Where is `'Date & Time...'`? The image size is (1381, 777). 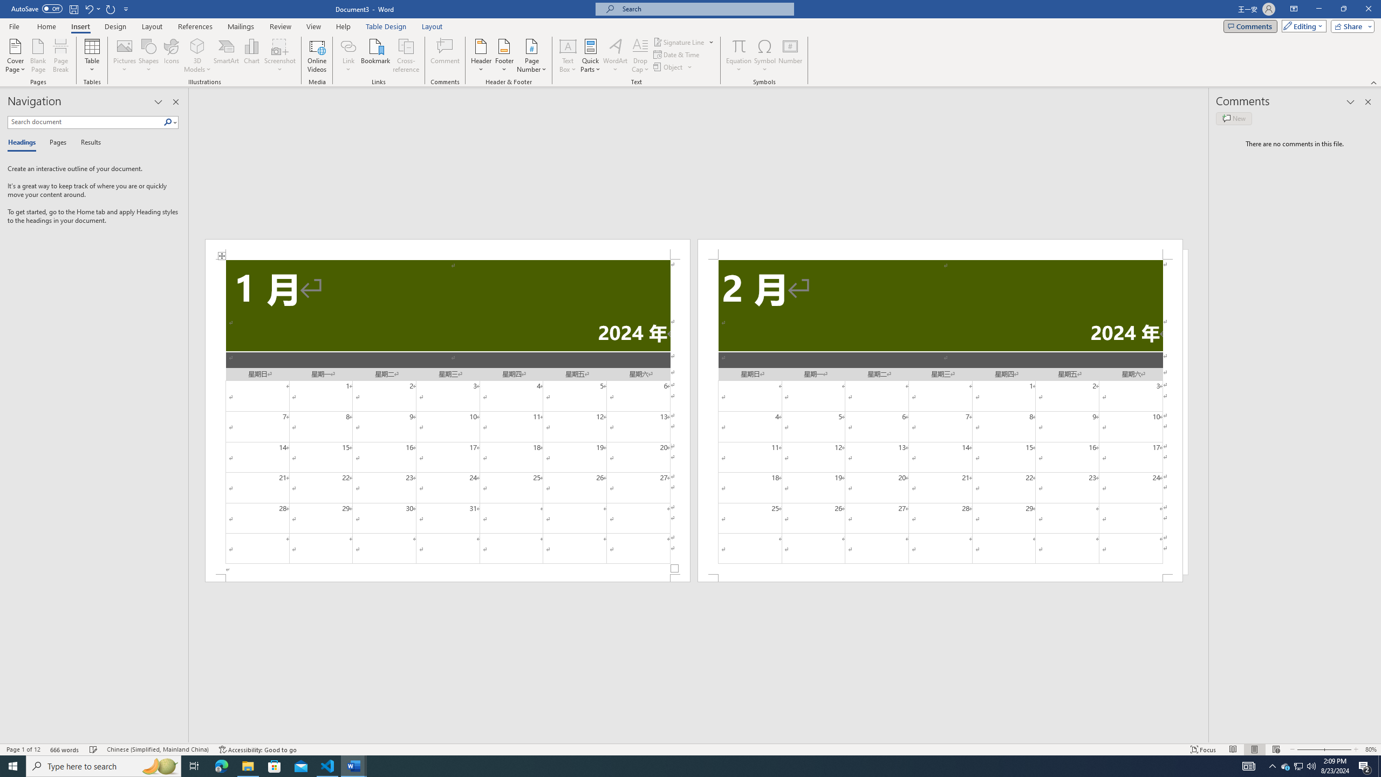
'Date & Time...' is located at coordinates (677, 53).